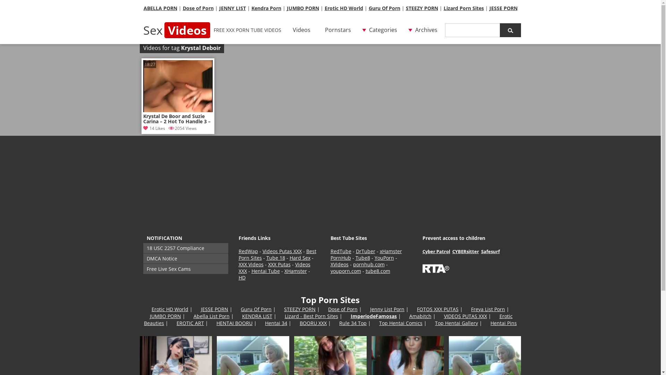 The width and height of the screenshot is (666, 375). What do you see at coordinates (153, 128) in the screenshot?
I see `'14 Likes'` at bounding box center [153, 128].